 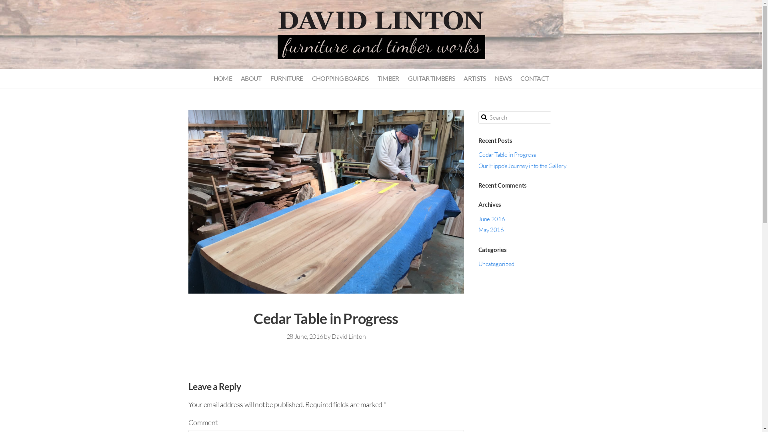 I want to click on 'ARTISTS', so click(x=475, y=78).